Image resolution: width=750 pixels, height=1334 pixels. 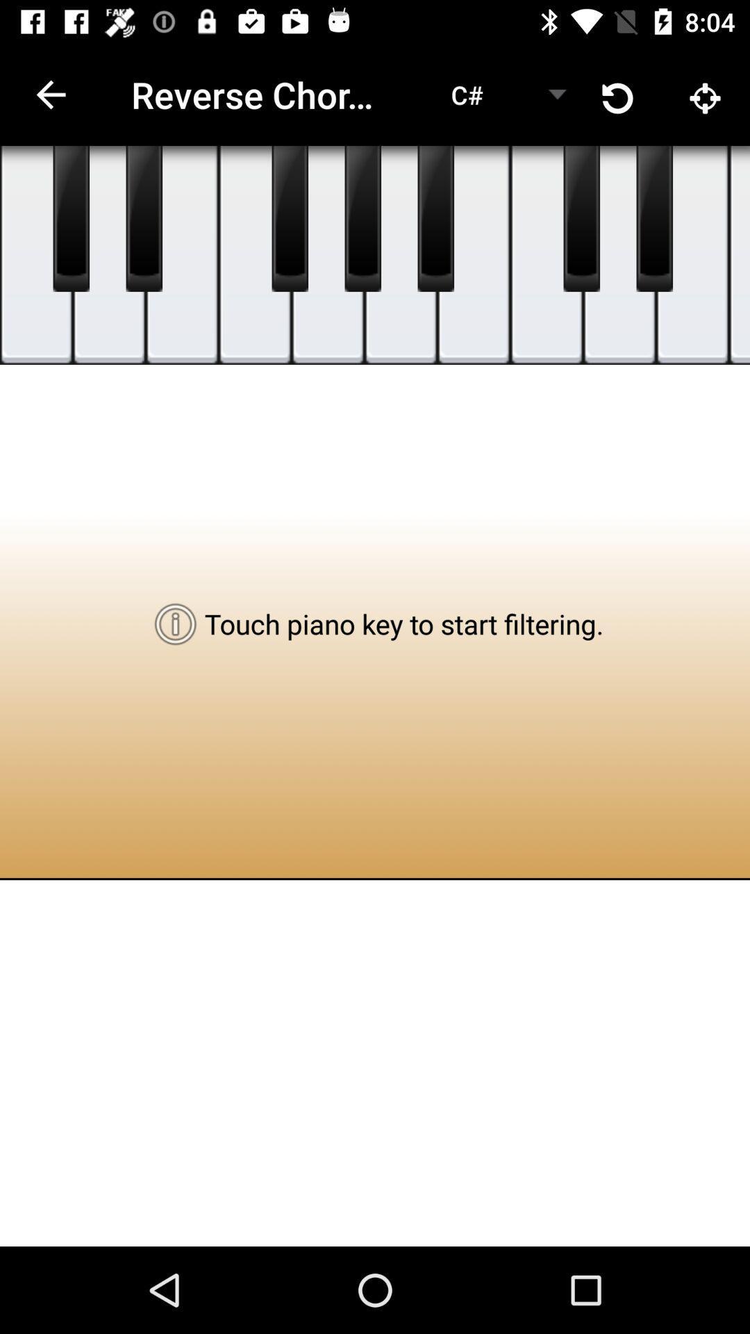 What do you see at coordinates (738, 255) in the screenshot?
I see `piano key play` at bounding box center [738, 255].